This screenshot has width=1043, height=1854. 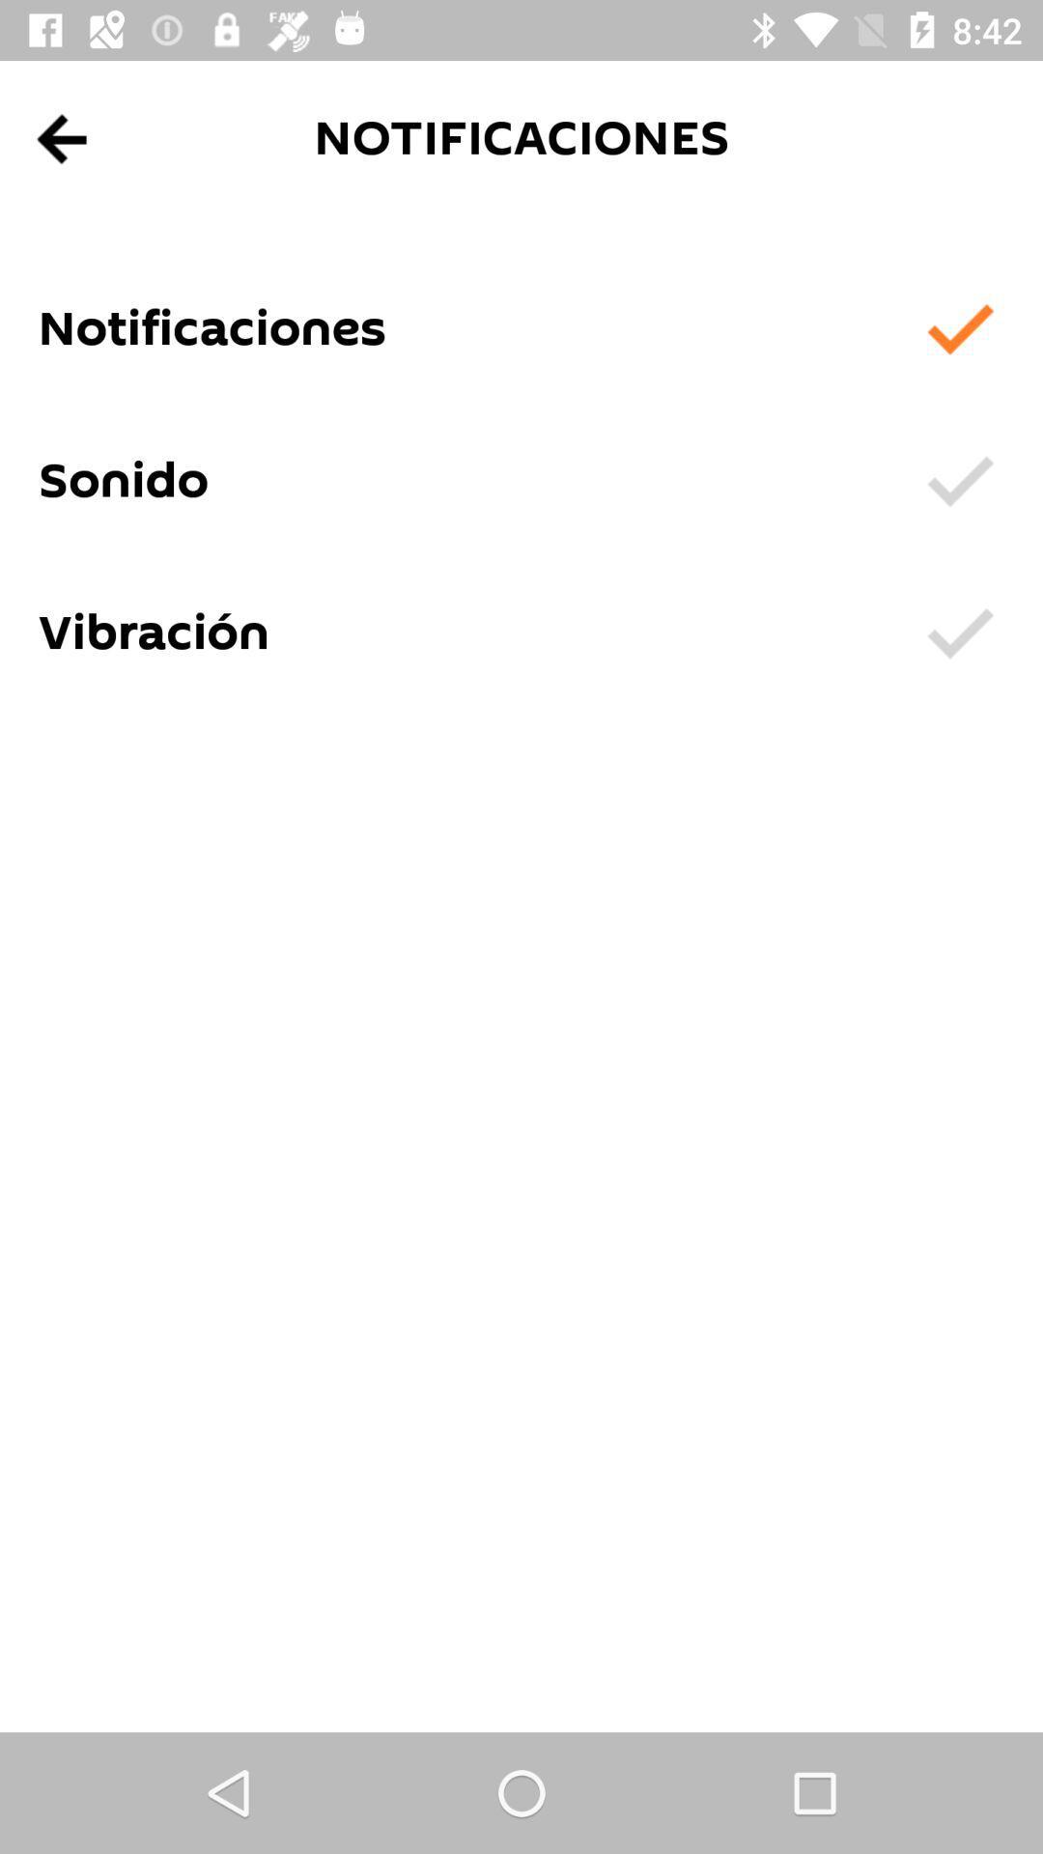 What do you see at coordinates (62, 138) in the screenshot?
I see `go back` at bounding box center [62, 138].